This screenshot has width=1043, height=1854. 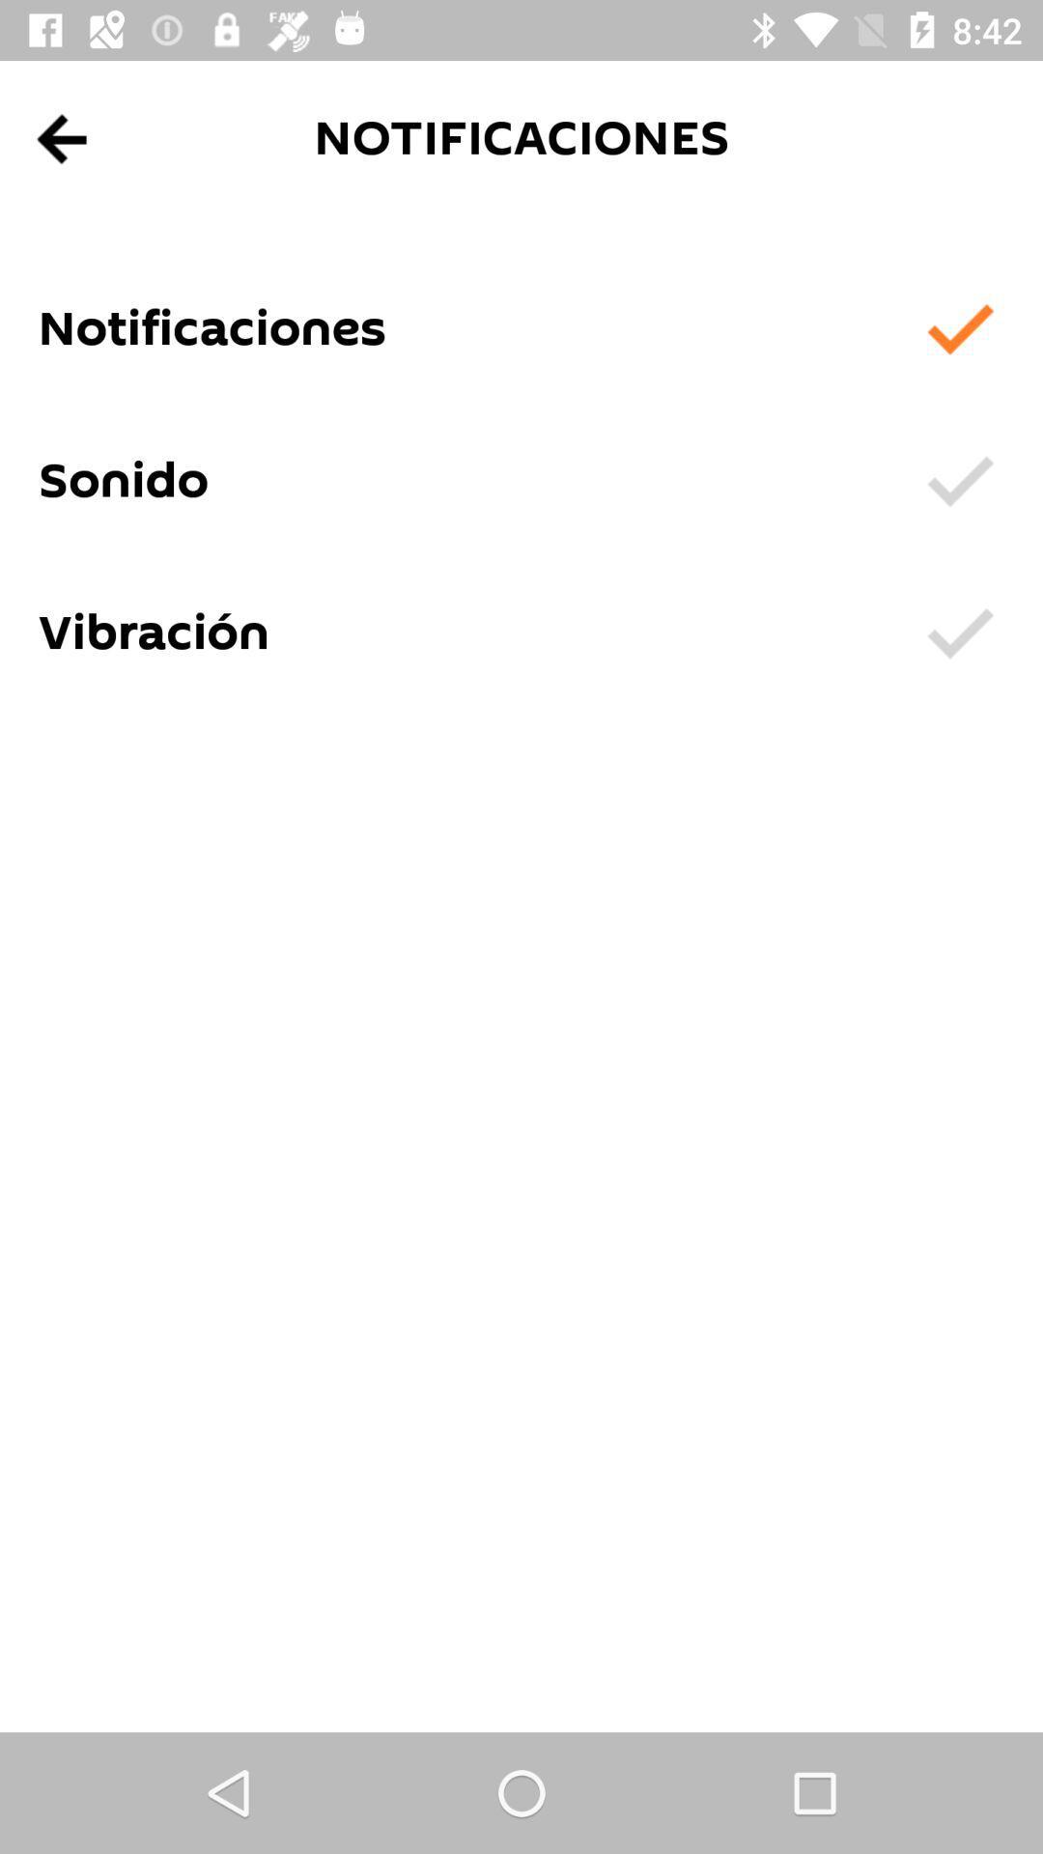 What do you see at coordinates (62, 138) in the screenshot?
I see `go back` at bounding box center [62, 138].